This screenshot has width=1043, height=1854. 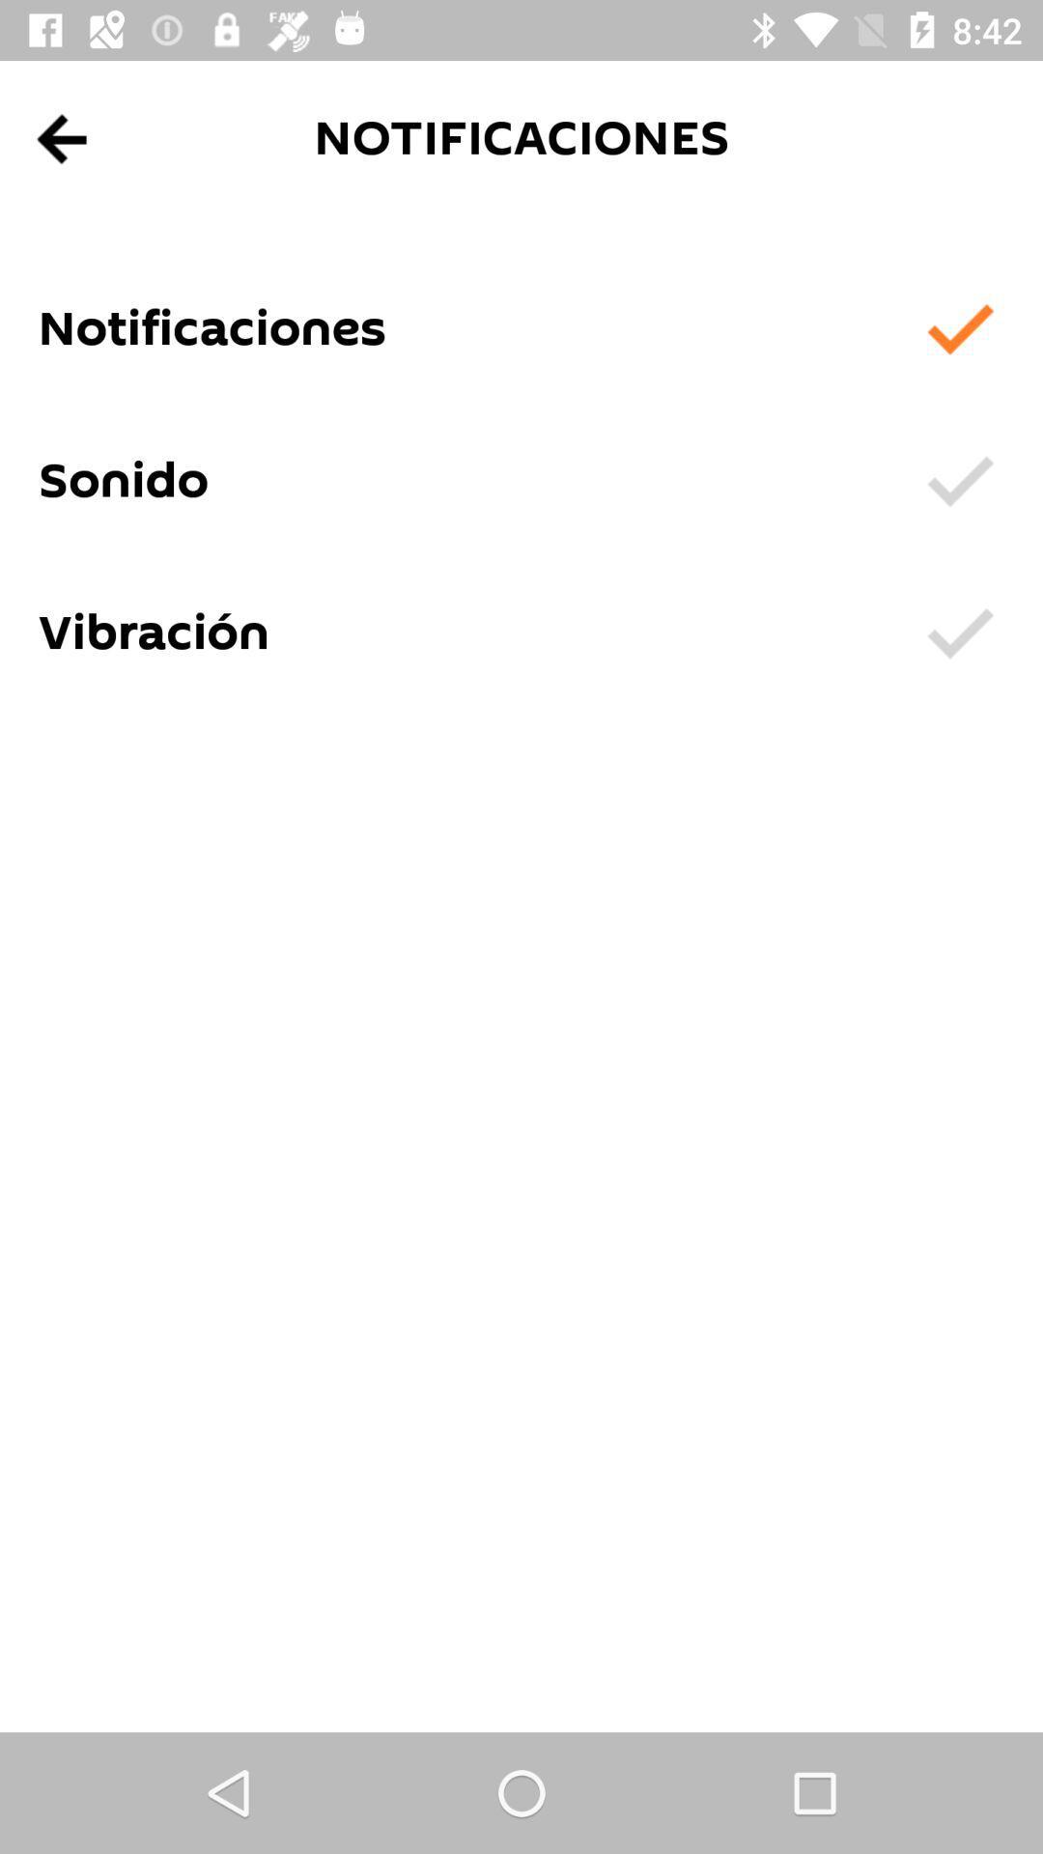 What do you see at coordinates (62, 138) in the screenshot?
I see `go back` at bounding box center [62, 138].